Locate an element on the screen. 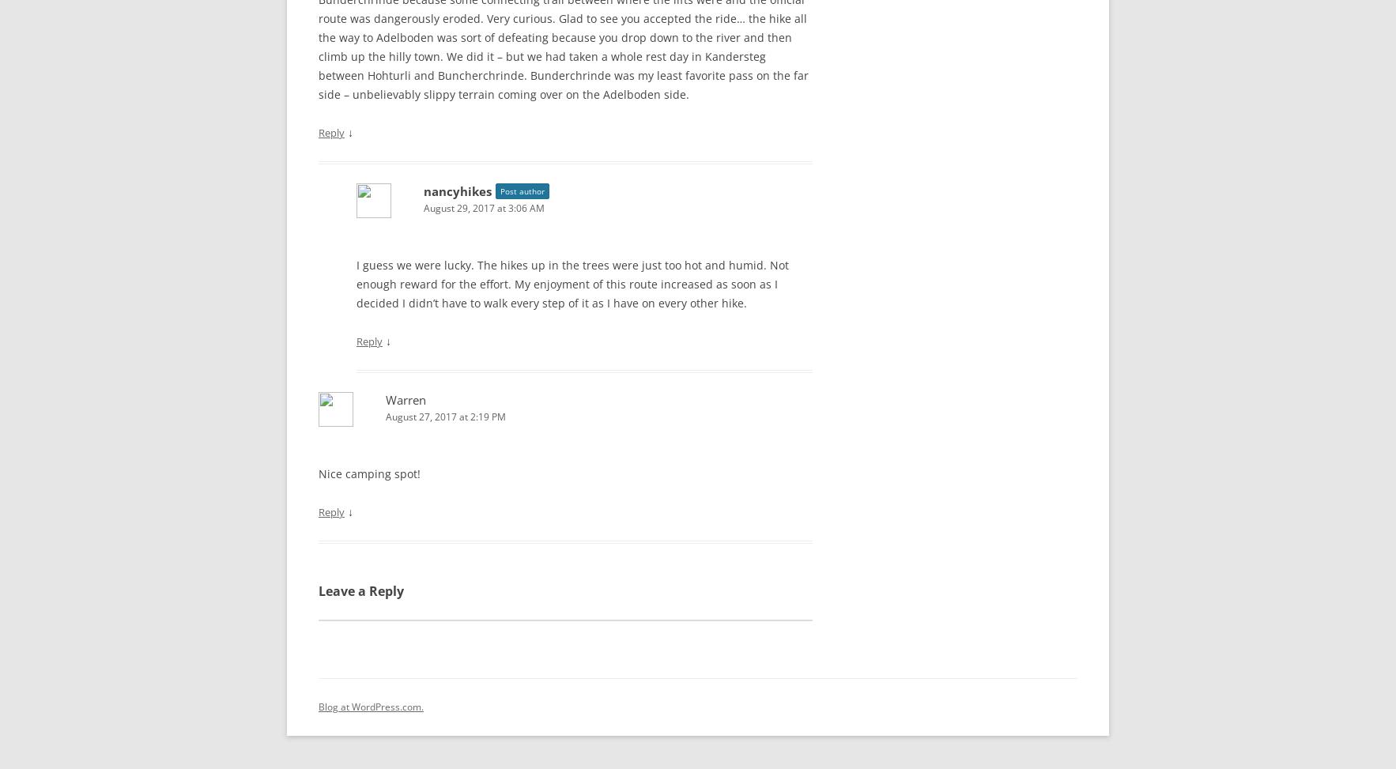  'Leave a Reply' is located at coordinates (318, 586).